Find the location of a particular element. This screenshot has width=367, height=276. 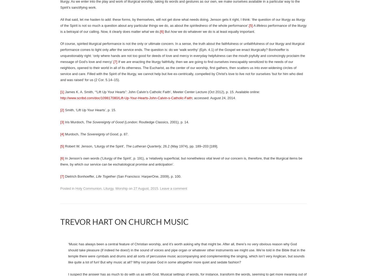

'Worship' is located at coordinates (121, 188).